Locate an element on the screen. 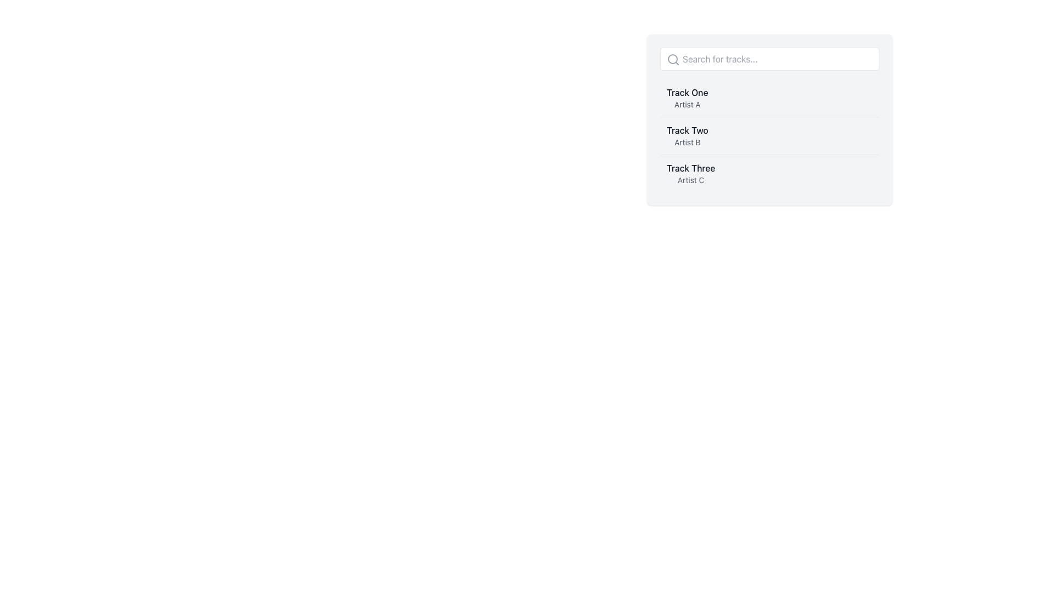 This screenshot has width=1052, height=592. the text label displaying 'Artist C', which is less prominent and aligned under the bold title 'Track Three' is located at coordinates (690, 179).